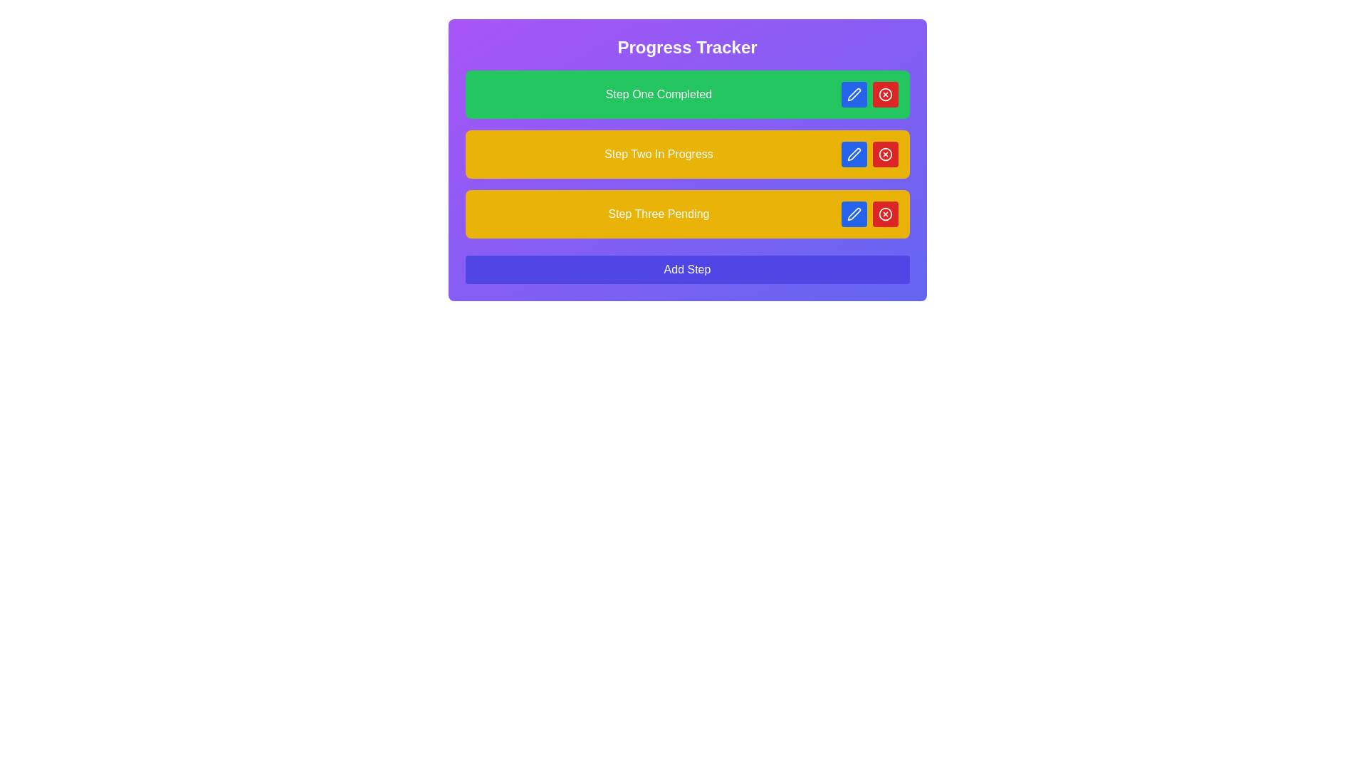 The width and height of the screenshot is (1367, 769). Describe the element at coordinates (854, 94) in the screenshot. I see `the pen icon button with a blue background located beside the text 'Step One Completed' in the progress tracker` at that location.